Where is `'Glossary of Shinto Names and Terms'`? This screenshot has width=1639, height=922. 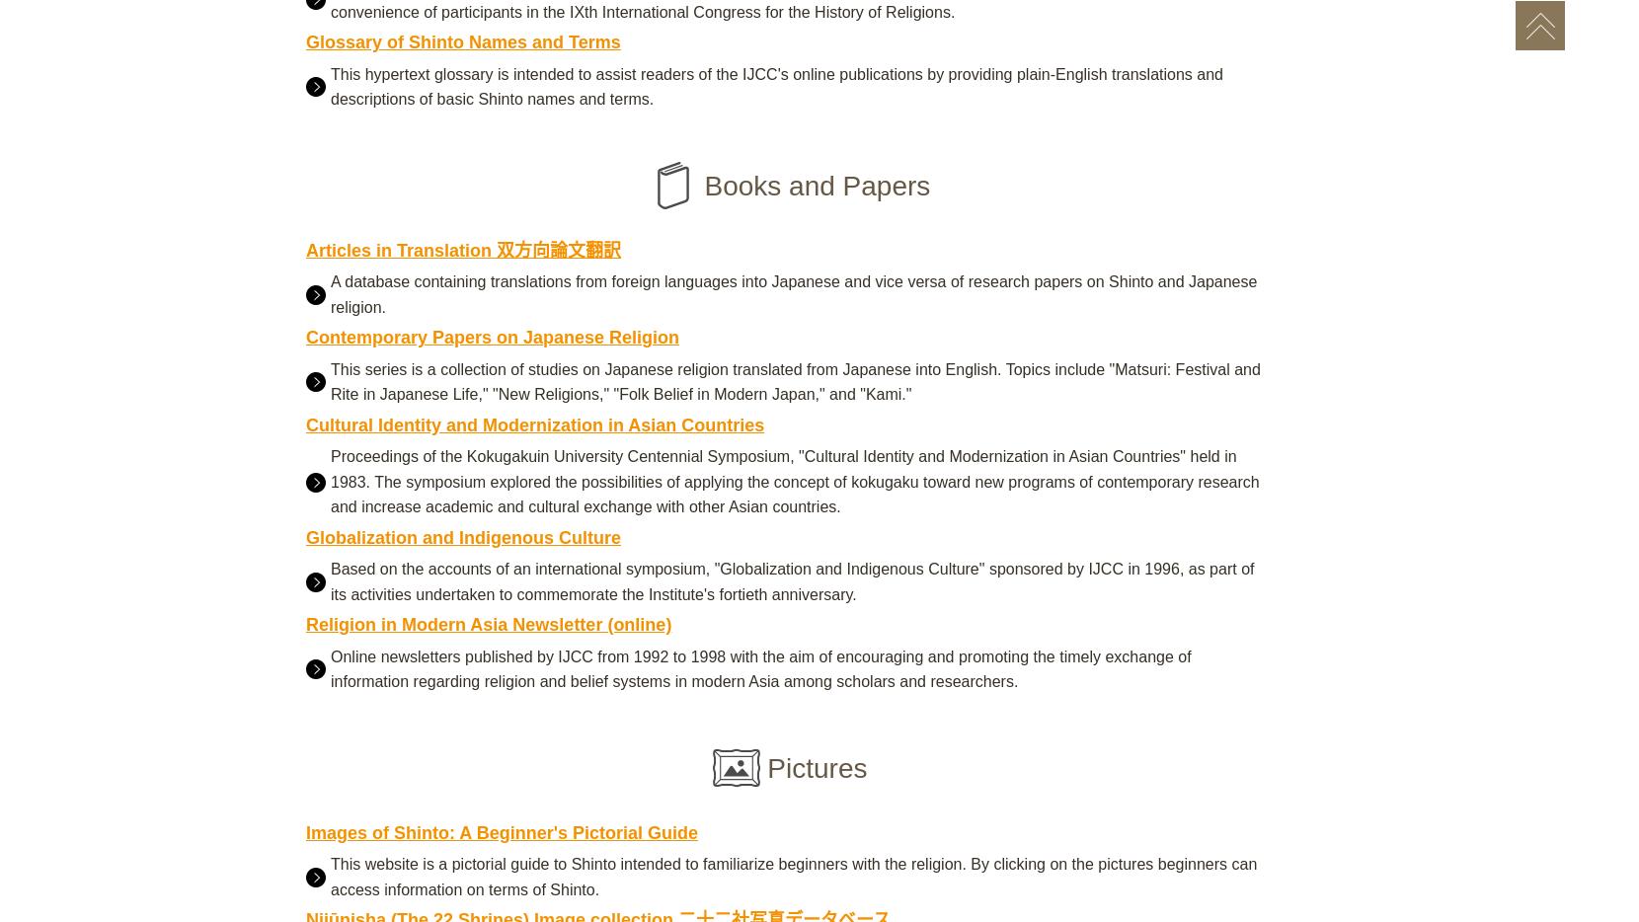
'Glossary of Shinto Names and Terms' is located at coordinates (461, 40).